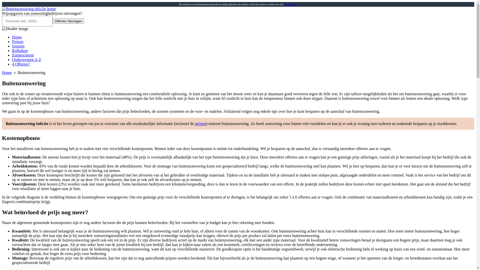 Image resolution: width=480 pixels, height=270 pixels. I want to click on 'Prijzen', so click(17, 41).